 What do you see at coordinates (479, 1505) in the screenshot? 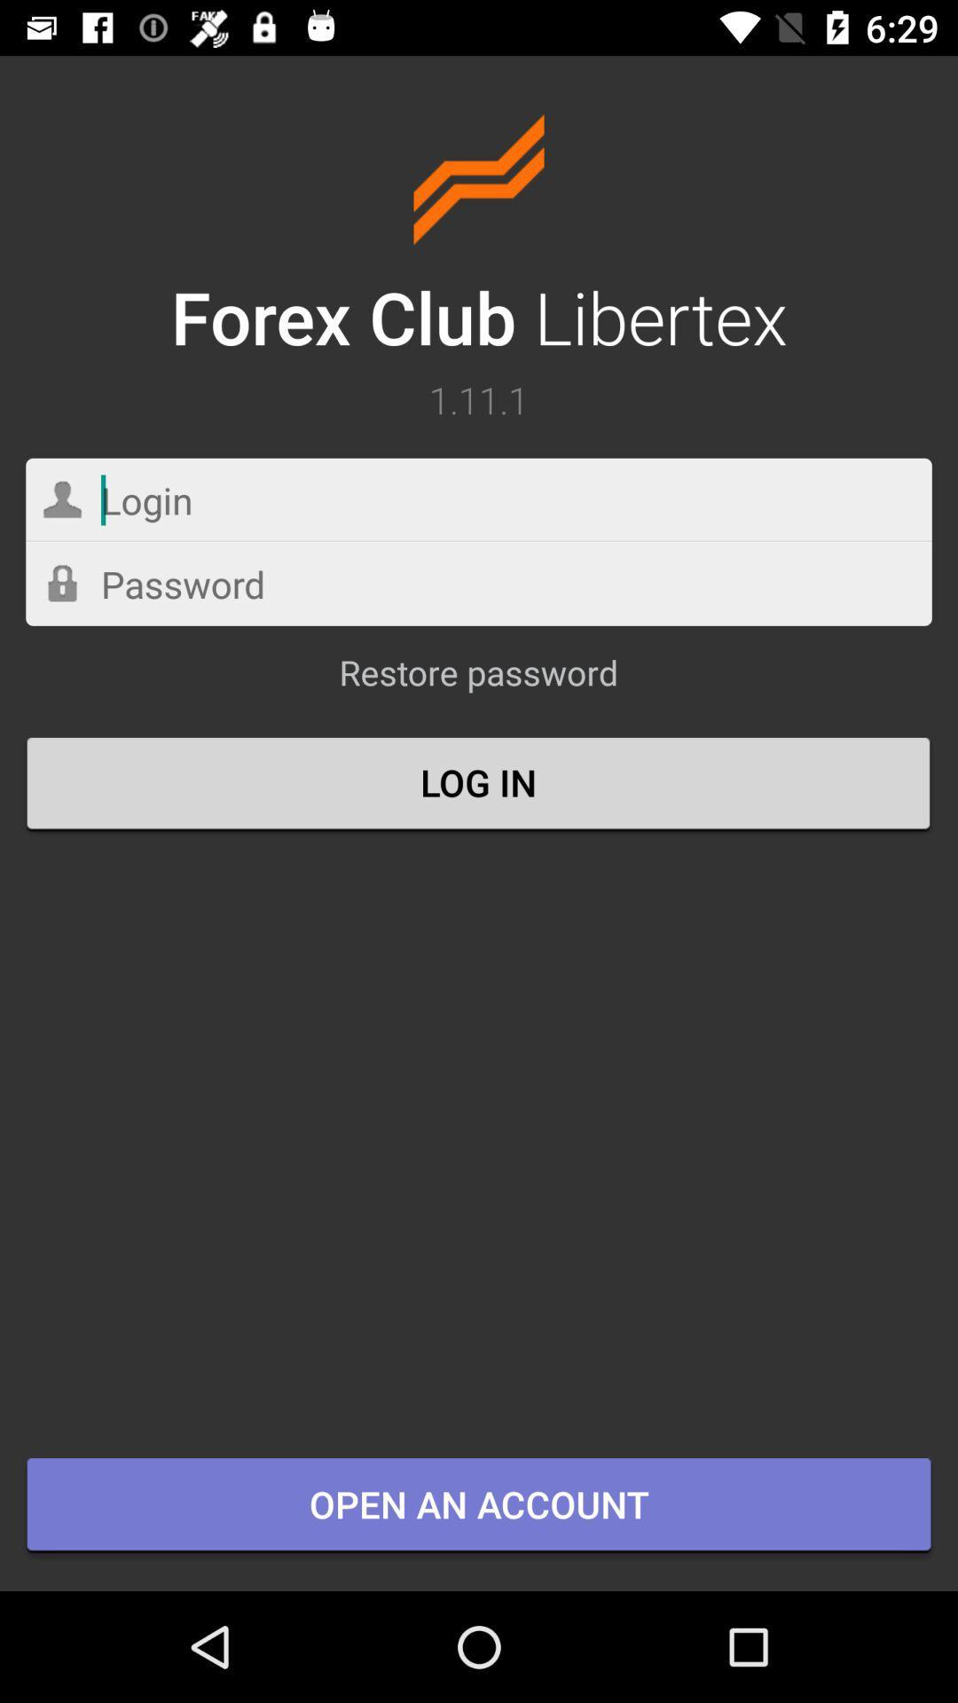
I see `item below the log in icon` at bounding box center [479, 1505].